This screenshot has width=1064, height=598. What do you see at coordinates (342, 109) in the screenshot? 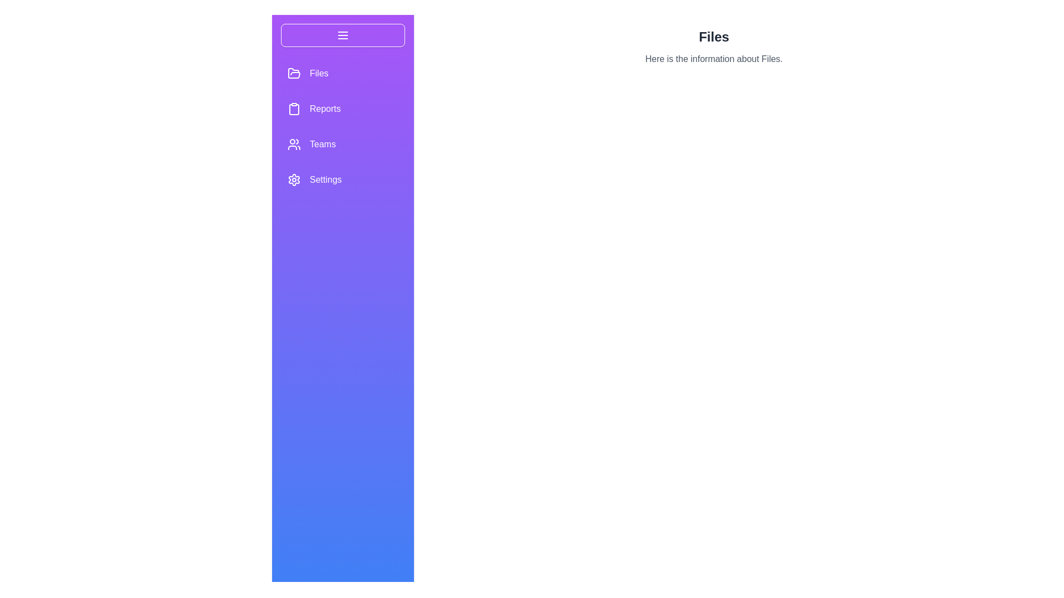
I see `the menu option Reports to display its hover effect` at bounding box center [342, 109].